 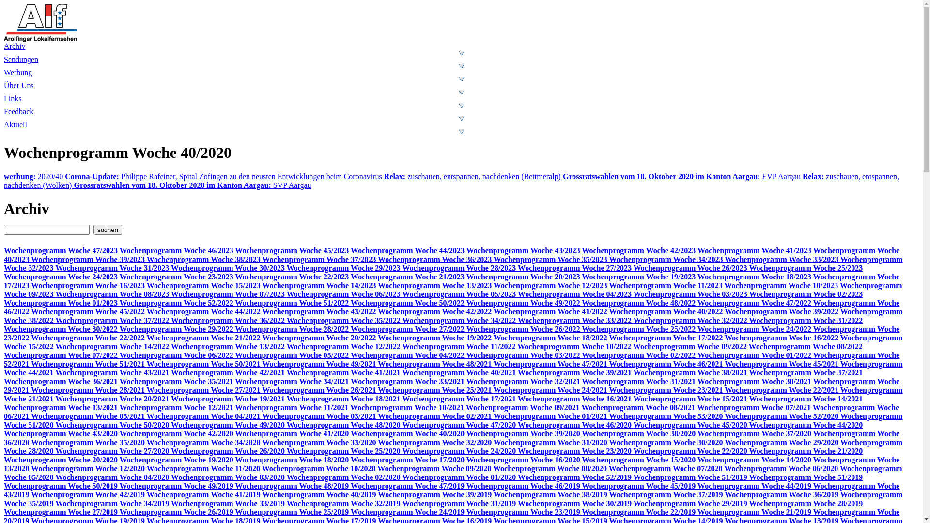 I want to click on 'Wochenprogramm Woche 33/2023', so click(x=782, y=259).